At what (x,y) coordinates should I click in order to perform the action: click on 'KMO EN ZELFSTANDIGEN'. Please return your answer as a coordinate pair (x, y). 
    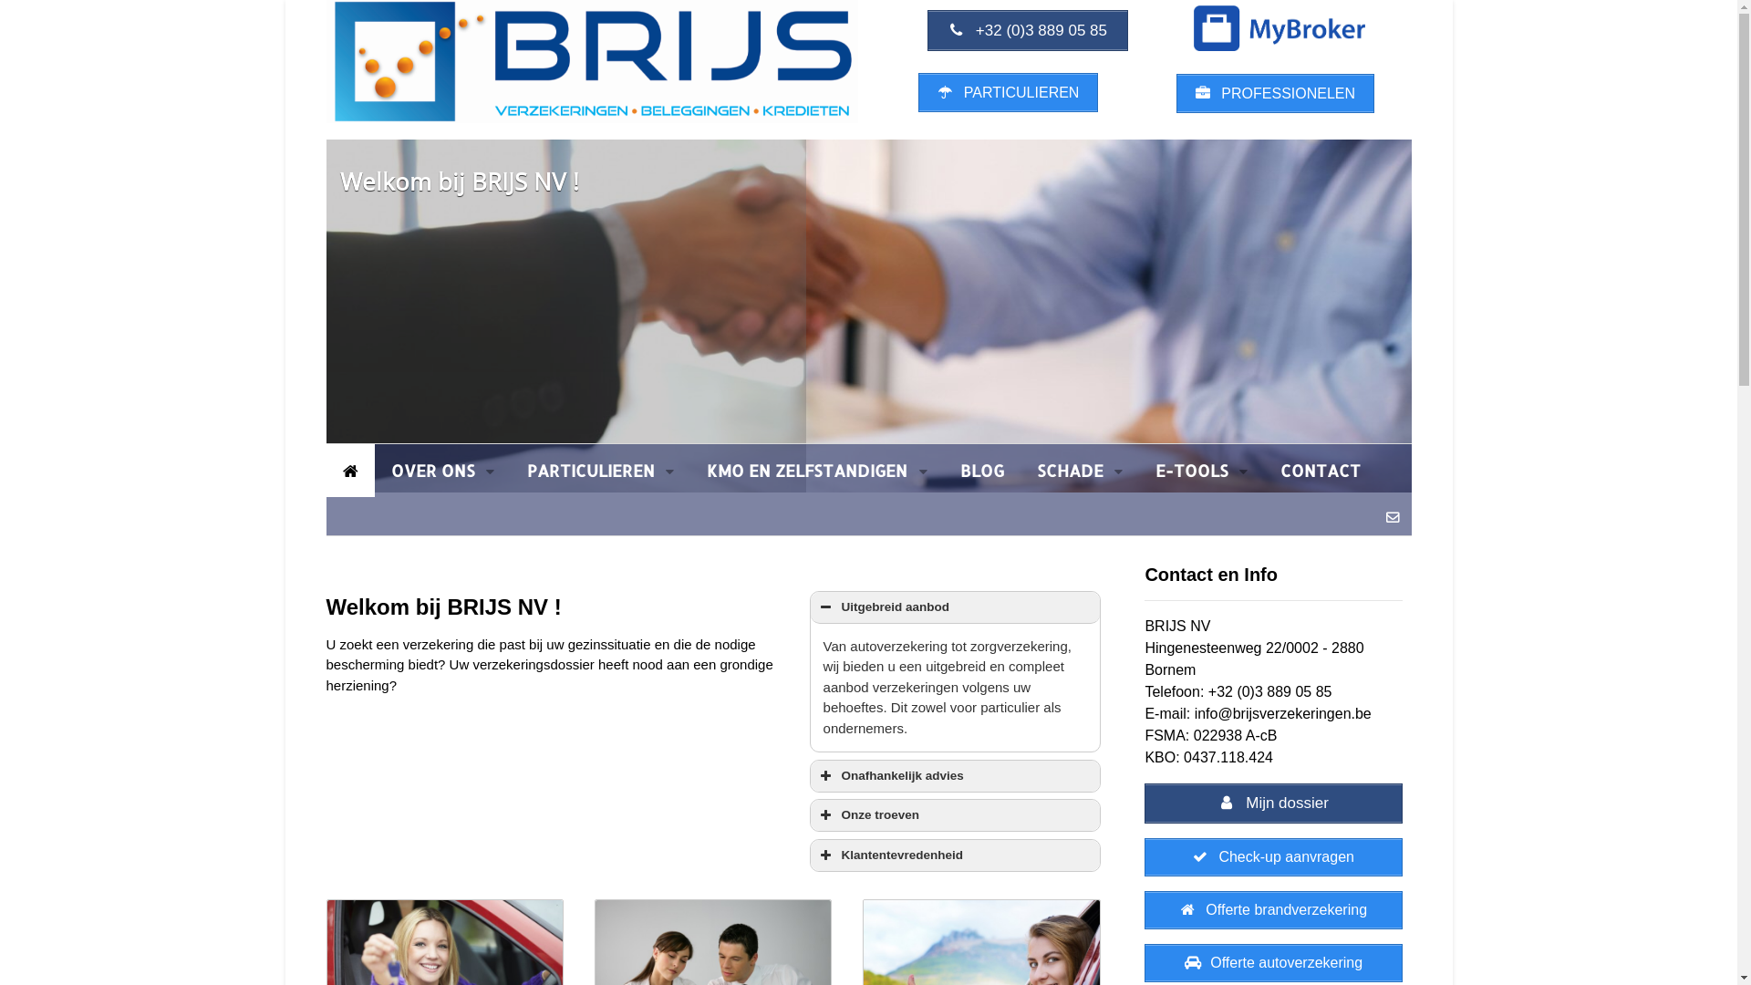
    Looking at the image, I should click on (815, 470).